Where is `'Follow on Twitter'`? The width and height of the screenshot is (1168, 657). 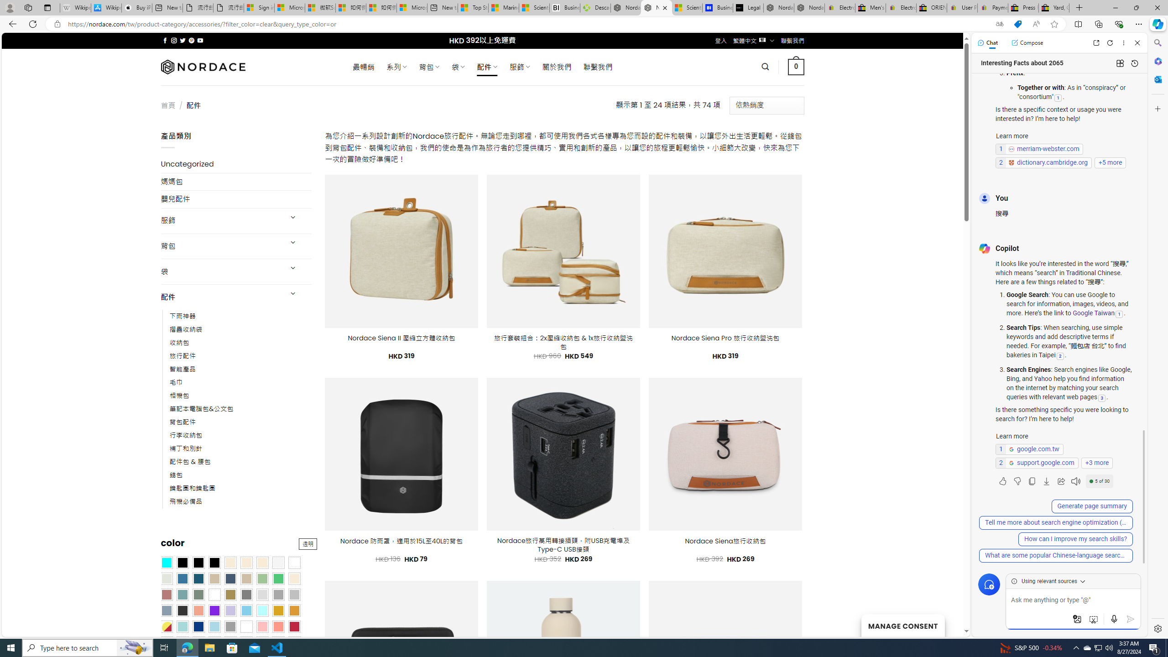 'Follow on Twitter' is located at coordinates (182, 40).